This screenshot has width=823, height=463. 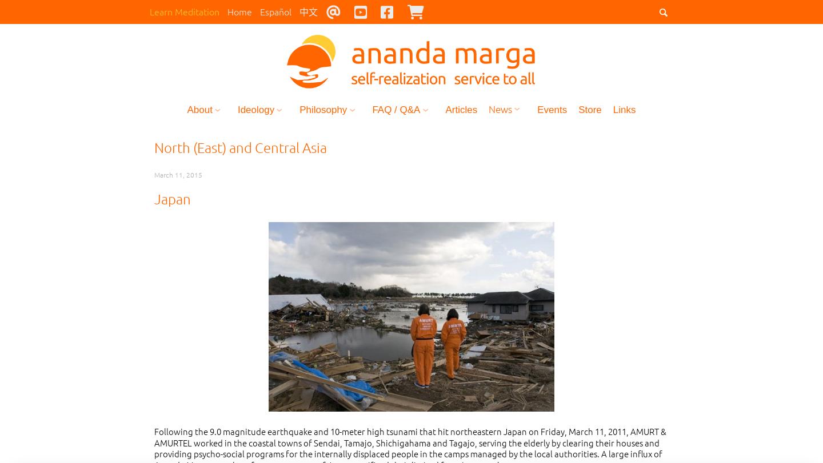 I want to click on 'Articles', so click(x=461, y=111).